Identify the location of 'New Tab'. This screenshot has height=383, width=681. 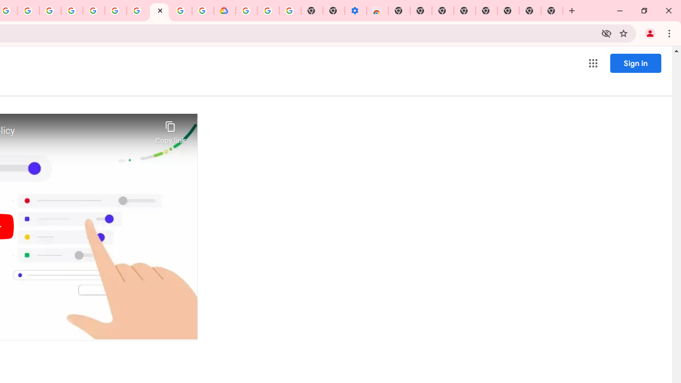
(552, 11).